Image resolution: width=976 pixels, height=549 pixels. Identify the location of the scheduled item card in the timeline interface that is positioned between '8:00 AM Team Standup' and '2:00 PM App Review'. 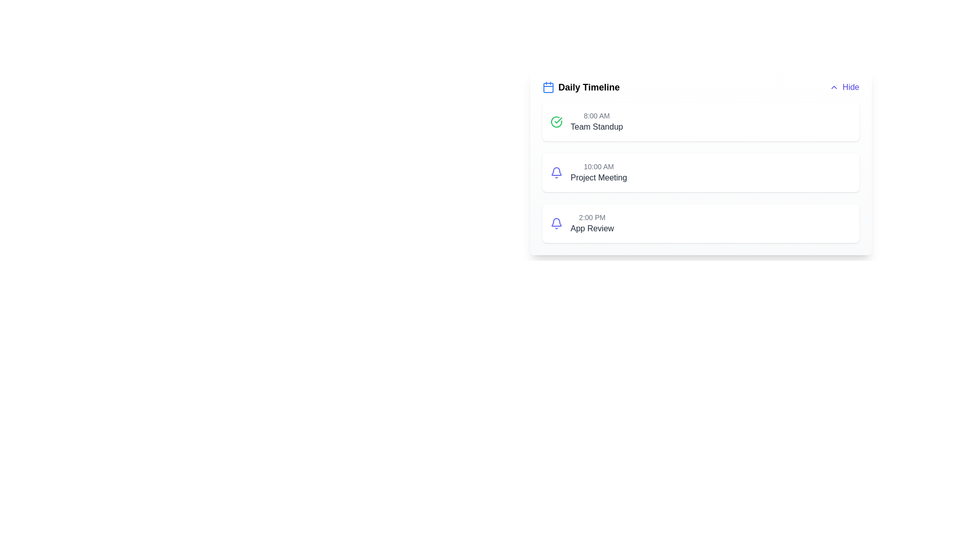
(700, 158).